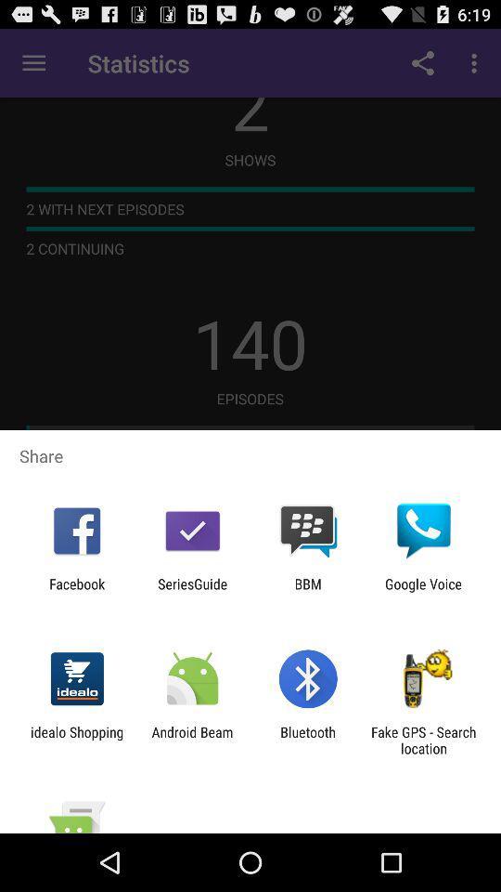  Describe the element at coordinates (76, 591) in the screenshot. I see `icon to the left of the seriesguide item` at that location.